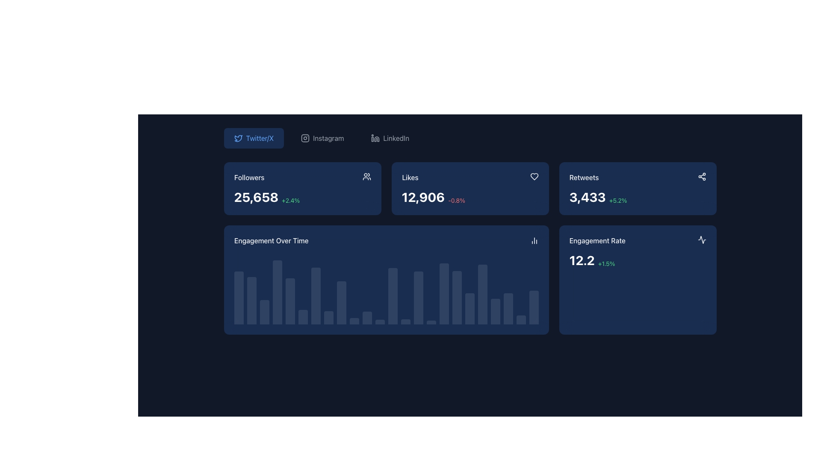 This screenshot has width=821, height=461. I want to click on displayed number of 'Likes' from the Text Label positioned in the top-right section of the interface, adjacent to the text '-0.8%', so click(422, 197).